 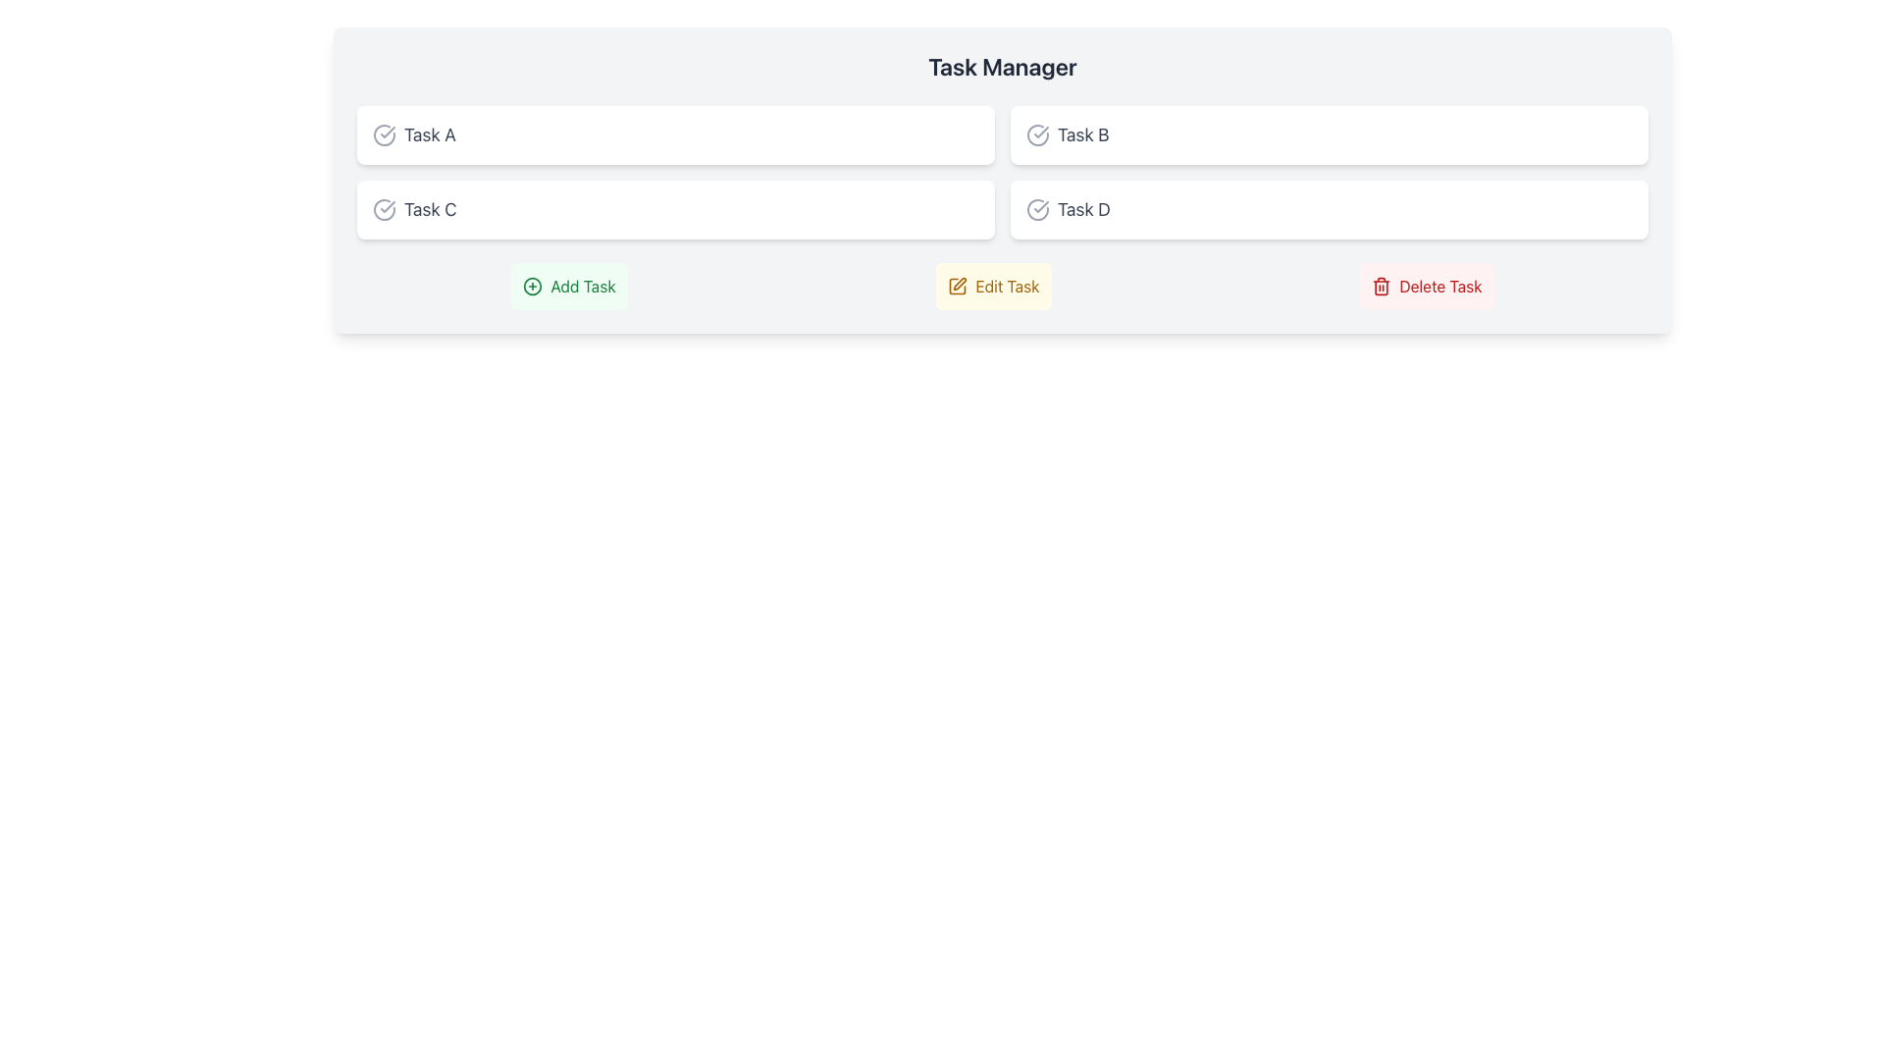 I want to click on the Circle icon with a check mark, which indicates the status of the task, located to the immediate left of the text 'Task A', so click(x=385, y=134).